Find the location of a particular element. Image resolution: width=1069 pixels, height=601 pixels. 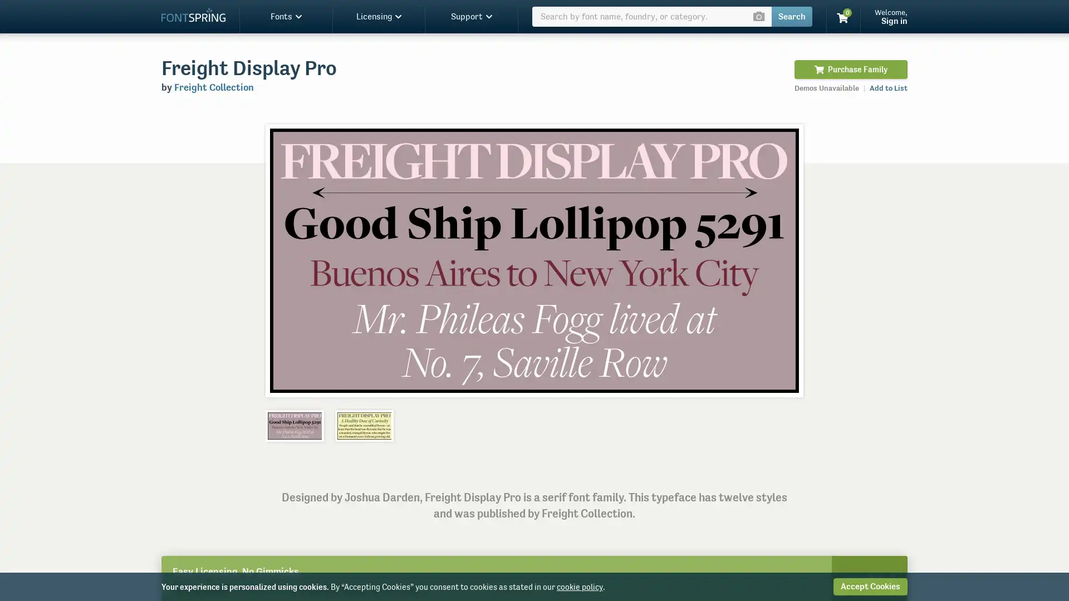

Add to List is located at coordinates (888, 87).